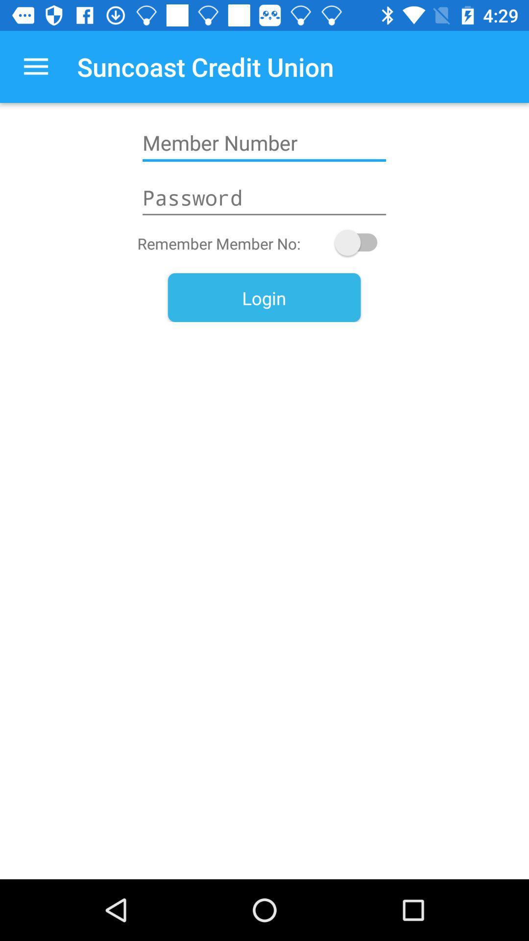 The image size is (529, 941). What do you see at coordinates (264, 197) in the screenshot?
I see `input password` at bounding box center [264, 197].